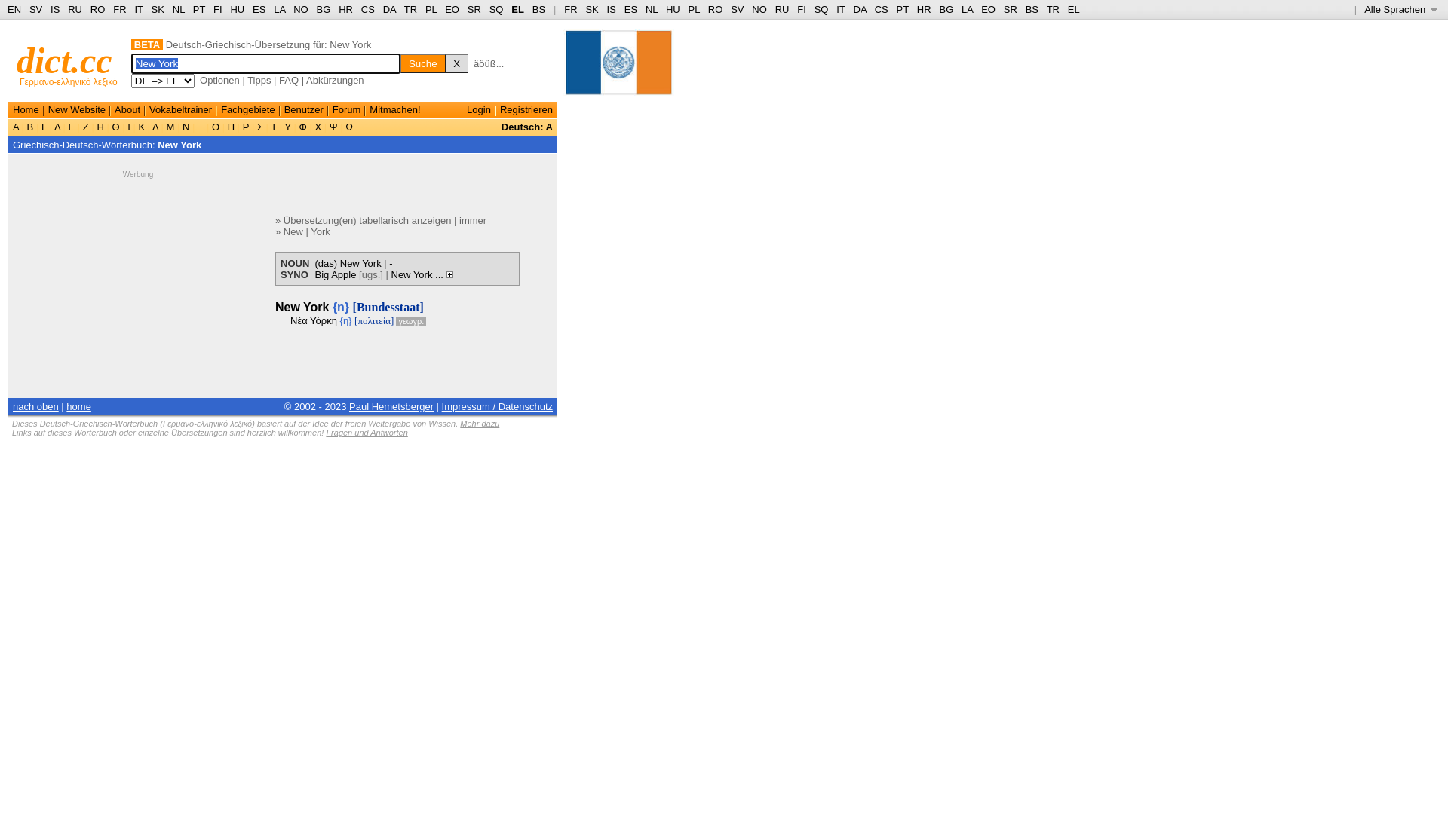 The height and width of the screenshot is (814, 1448). I want to click on 'Vokabeltrainer', so click(180, 109).